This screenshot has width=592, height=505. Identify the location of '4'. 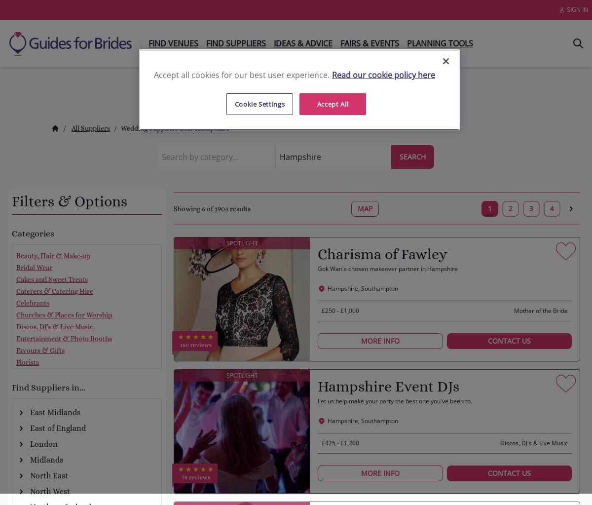
(552, 208).